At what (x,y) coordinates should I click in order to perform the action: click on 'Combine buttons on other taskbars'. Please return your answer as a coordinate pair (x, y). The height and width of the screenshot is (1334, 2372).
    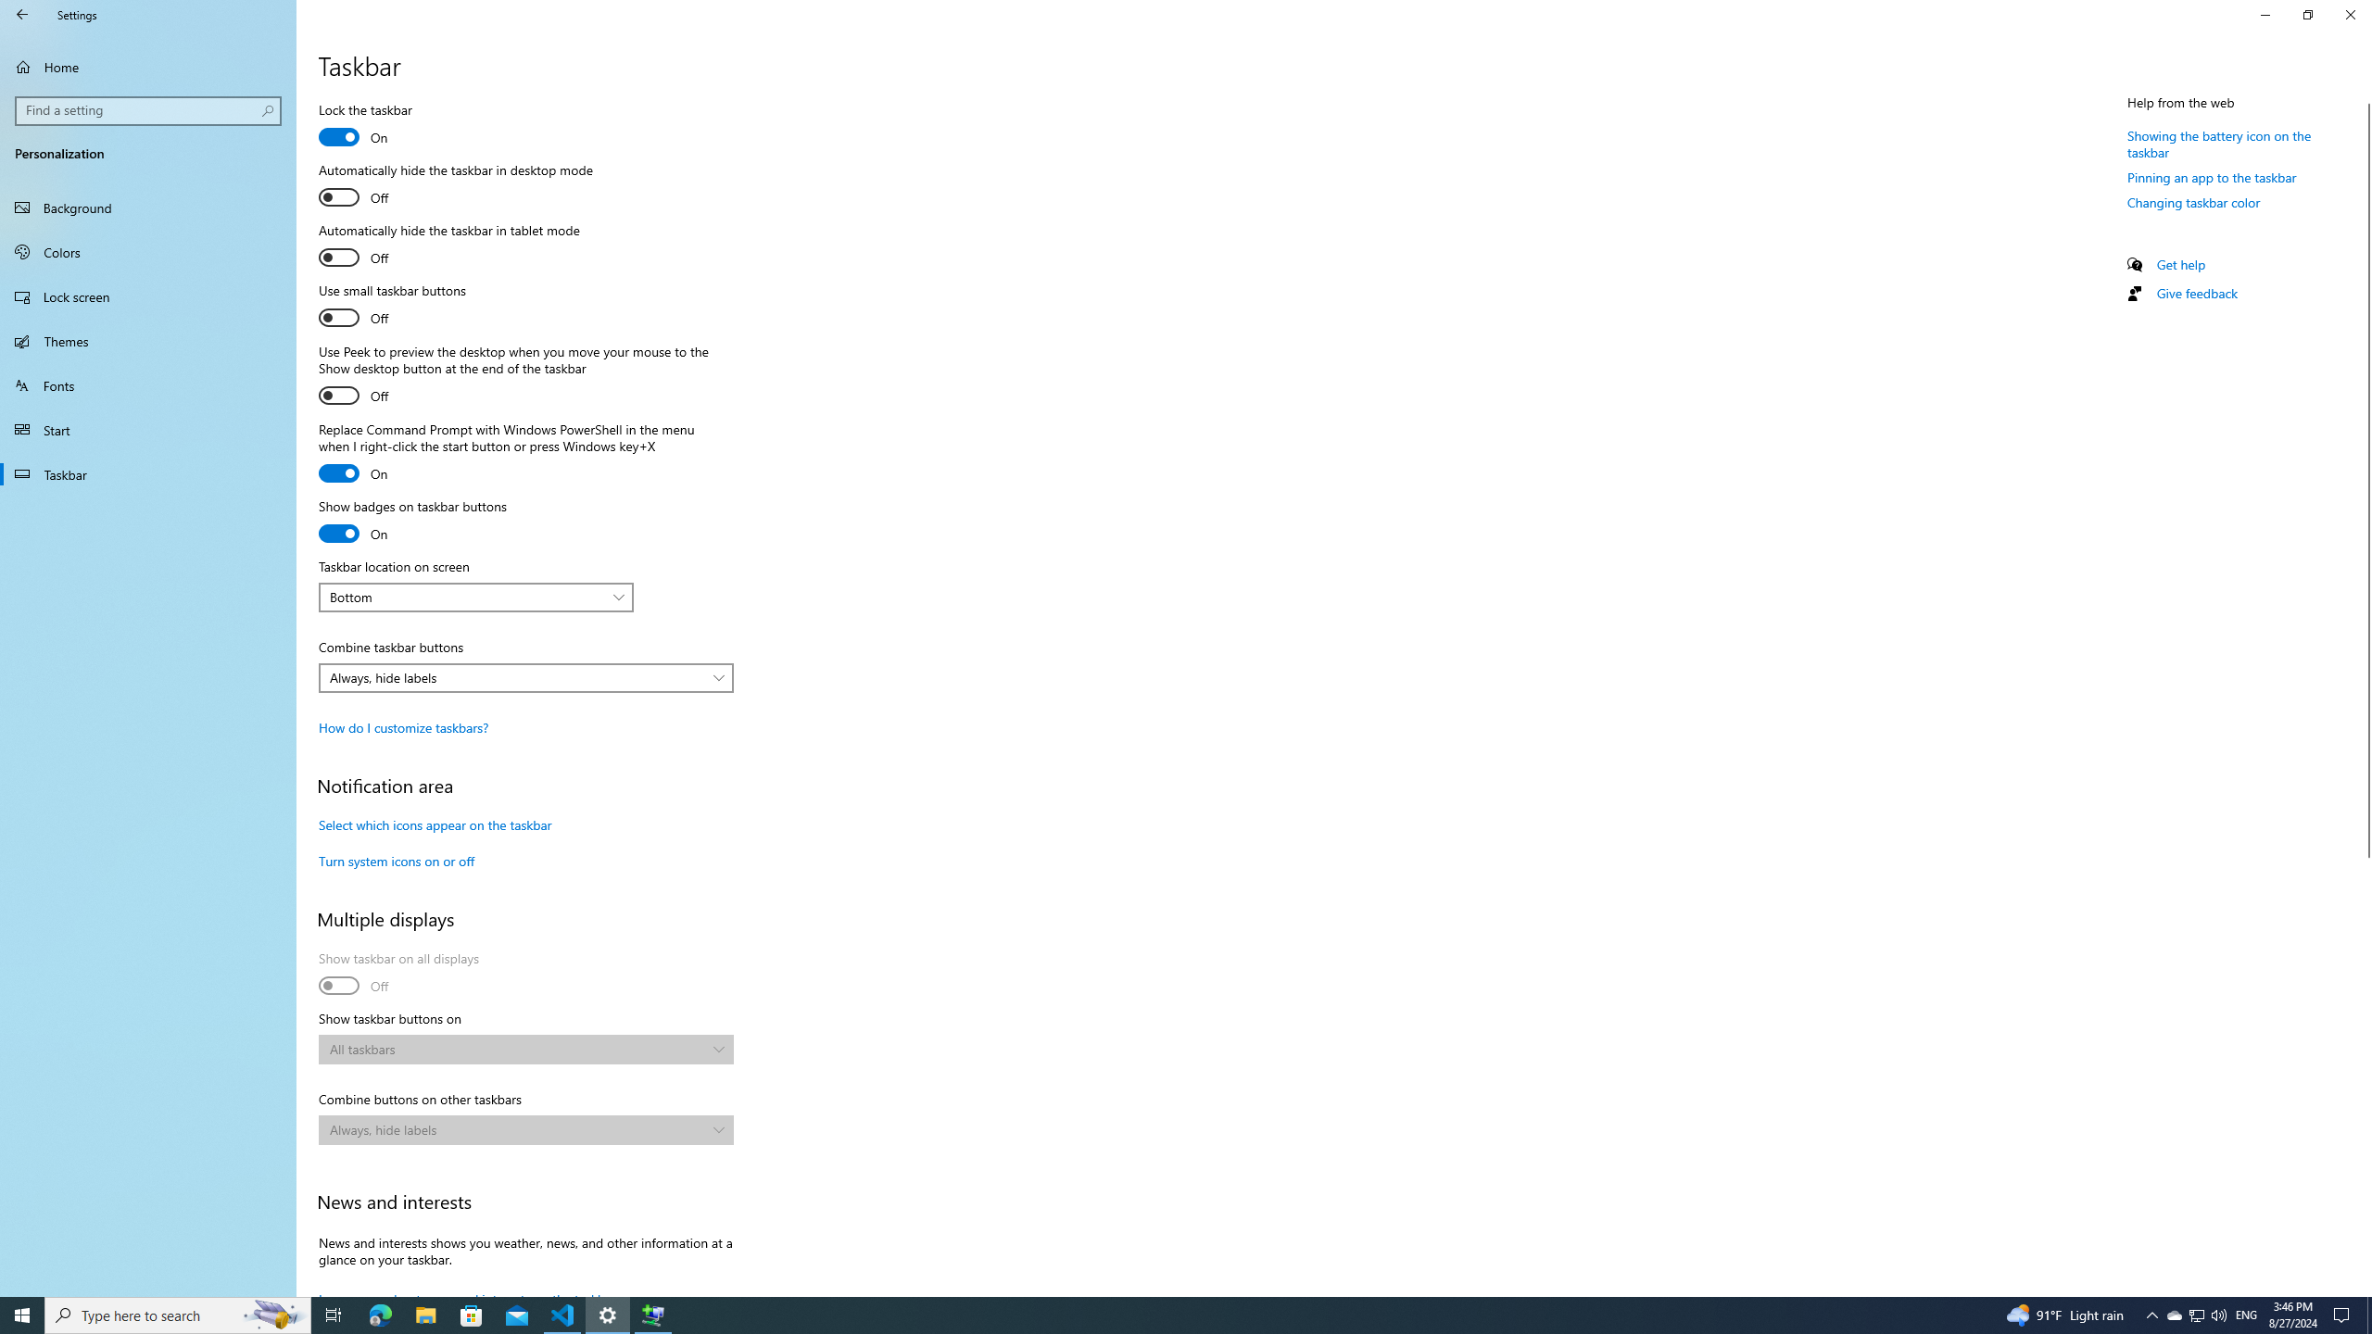
    Looking at the image, I should click on (524, 1128).